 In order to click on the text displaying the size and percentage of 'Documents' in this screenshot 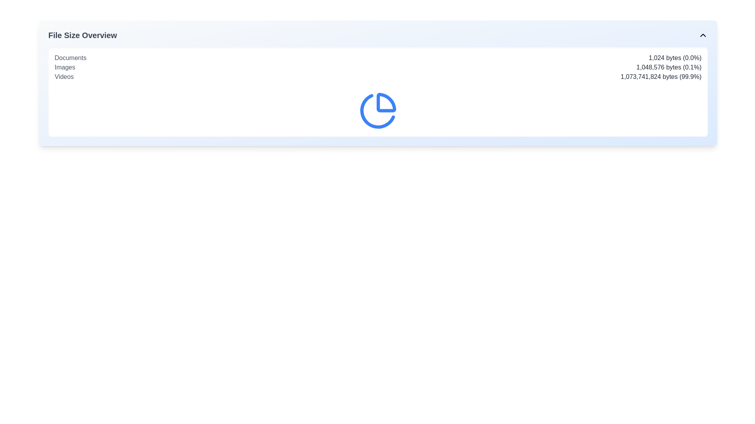, I will do `click(674, 57)`.